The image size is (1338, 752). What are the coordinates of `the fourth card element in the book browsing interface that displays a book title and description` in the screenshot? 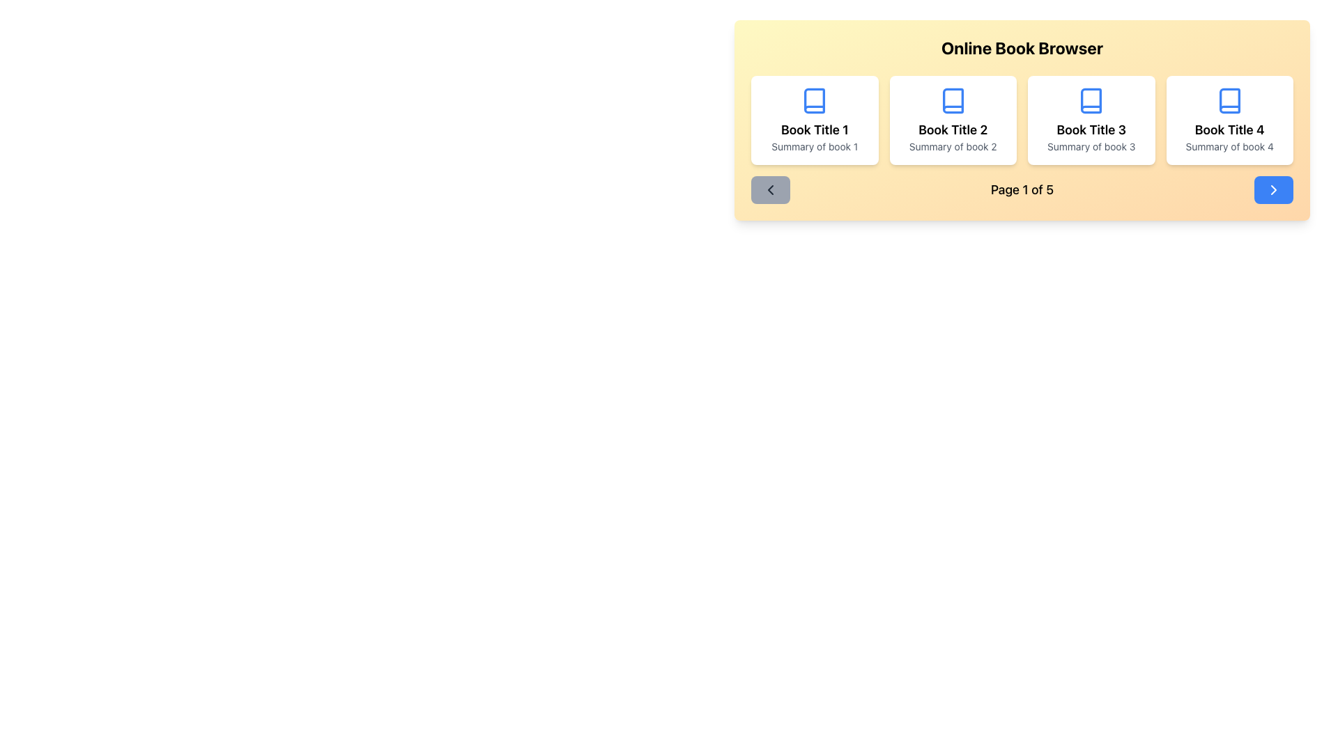 It's located at (1229, 120).